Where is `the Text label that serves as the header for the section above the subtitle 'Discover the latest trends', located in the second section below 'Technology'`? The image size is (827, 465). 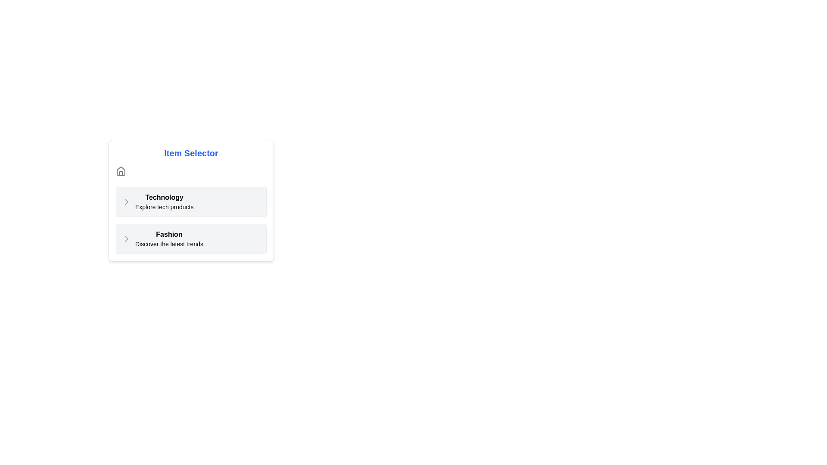
the Text label that serves as the header for the section above the subtitle 'Discover the latest trends', located in the second section below 'Technology' is located at coordinates (169, 234).